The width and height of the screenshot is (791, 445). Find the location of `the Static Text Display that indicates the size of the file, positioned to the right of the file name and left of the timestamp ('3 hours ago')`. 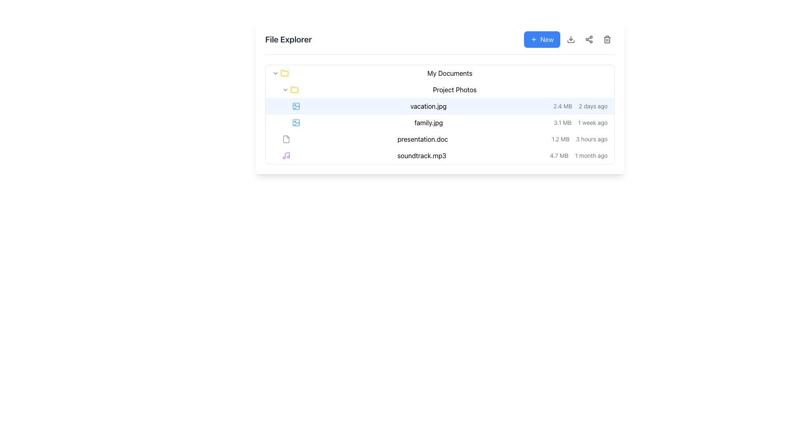

the Static Text Display that indicates the size of the file, positioned to the right of the file name and left of the timestamp ('3 hours ago') is located at coordinates (560, 139).